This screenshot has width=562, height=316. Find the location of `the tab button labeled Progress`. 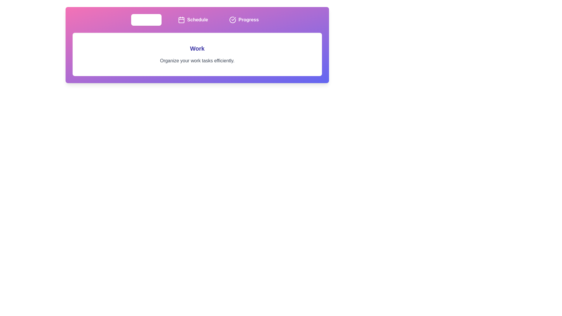

the tab button labeled Progress is located at coordinates (244, 20).